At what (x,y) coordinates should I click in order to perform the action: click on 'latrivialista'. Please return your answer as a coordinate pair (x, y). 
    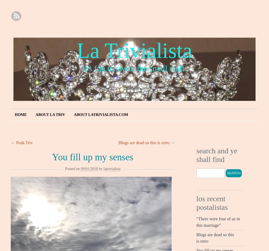
    Looking at the image, I should click on (112, 168).